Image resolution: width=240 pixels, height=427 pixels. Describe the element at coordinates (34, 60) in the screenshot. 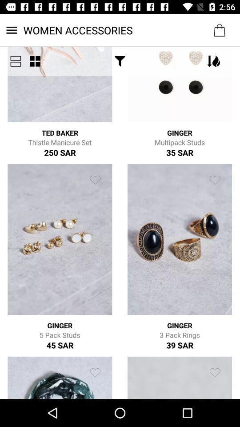

I see `the icon above the ted baker` at that location.